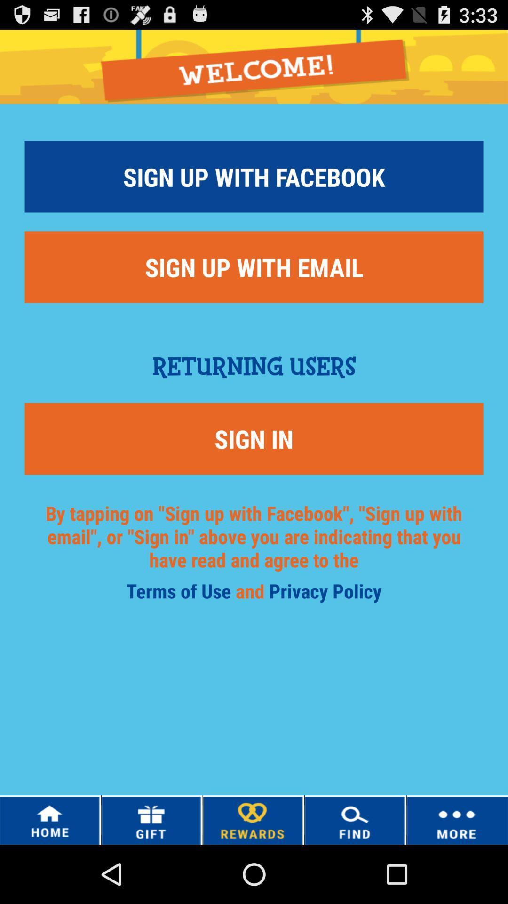 This screenshot has width=508, height=904. I want to click on the item below sign in item, so click(181, 594).